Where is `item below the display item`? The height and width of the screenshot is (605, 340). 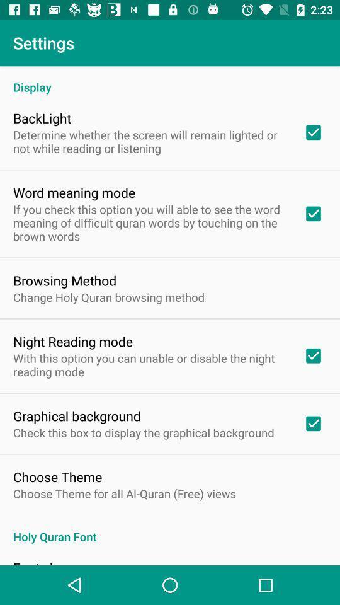
item below the display item is located at coordinates (42, 118).